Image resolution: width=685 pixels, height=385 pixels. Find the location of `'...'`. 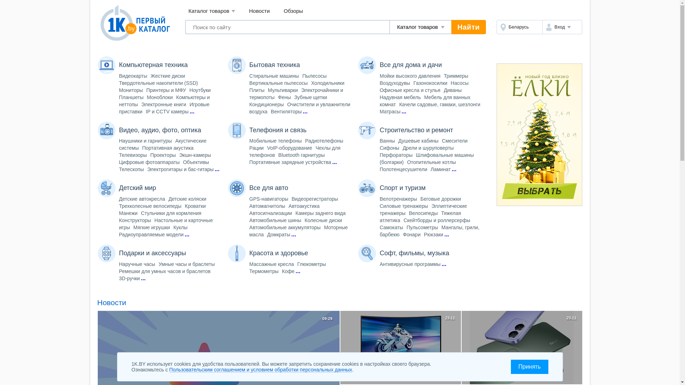

'...' is located at coordinates (332, 162).